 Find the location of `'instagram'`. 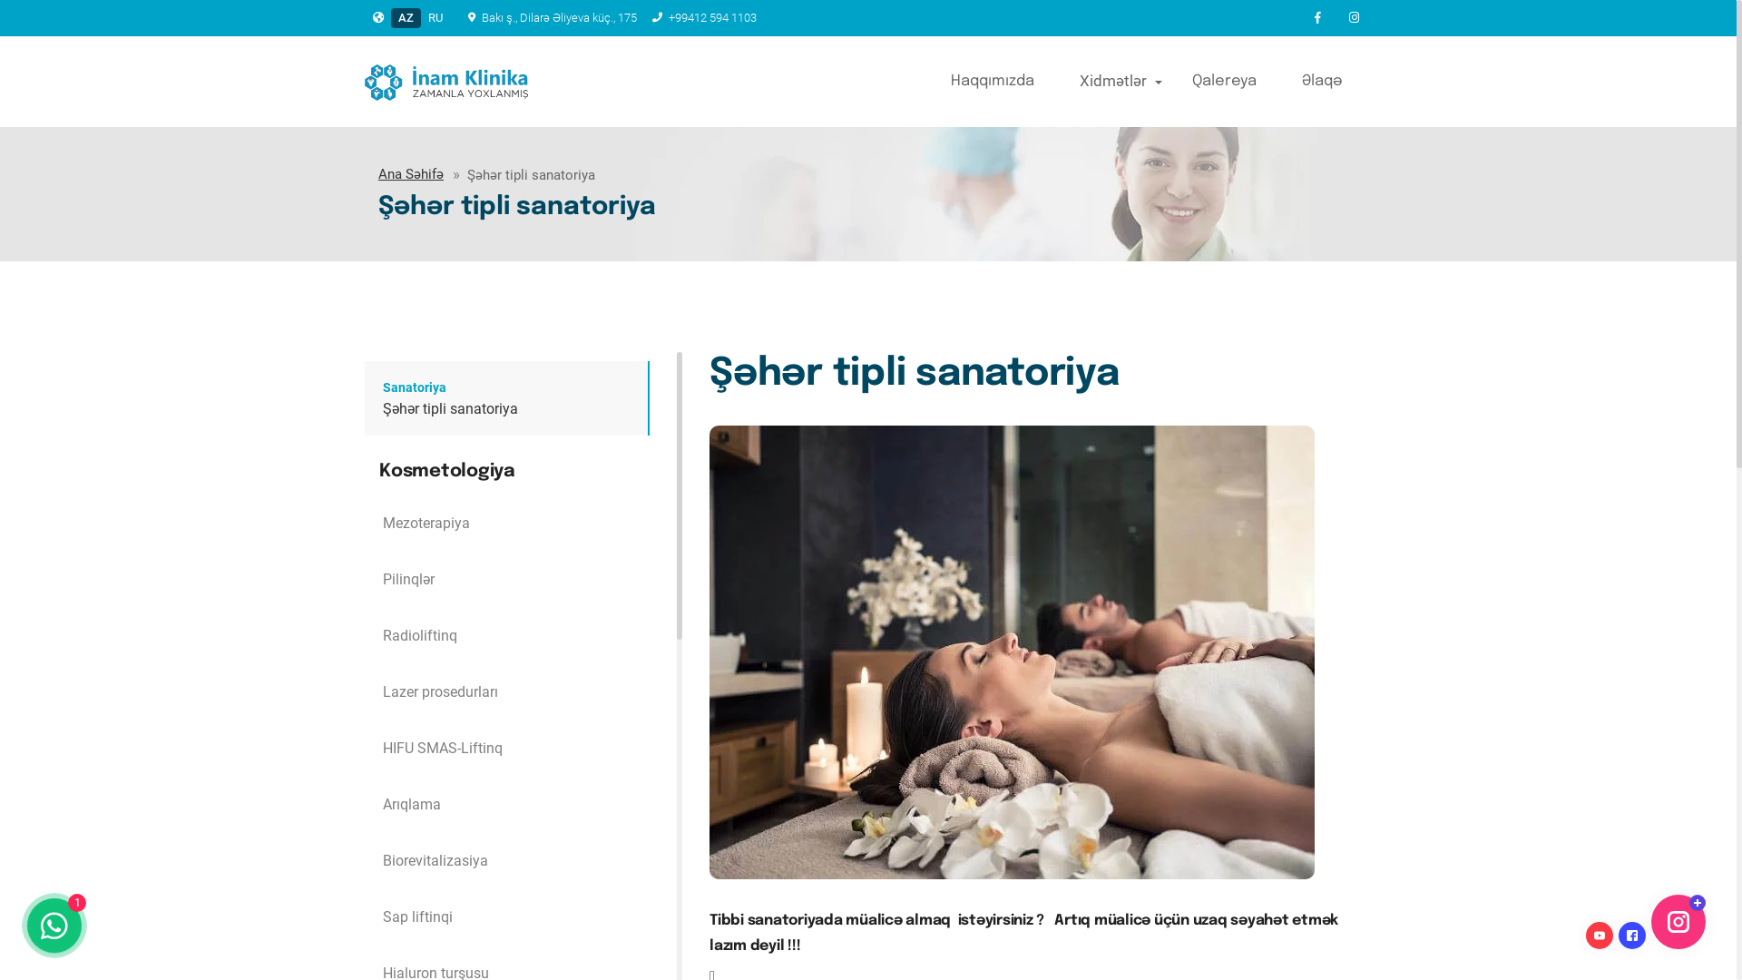

'instagram' is located at coordinates (1336, 17).